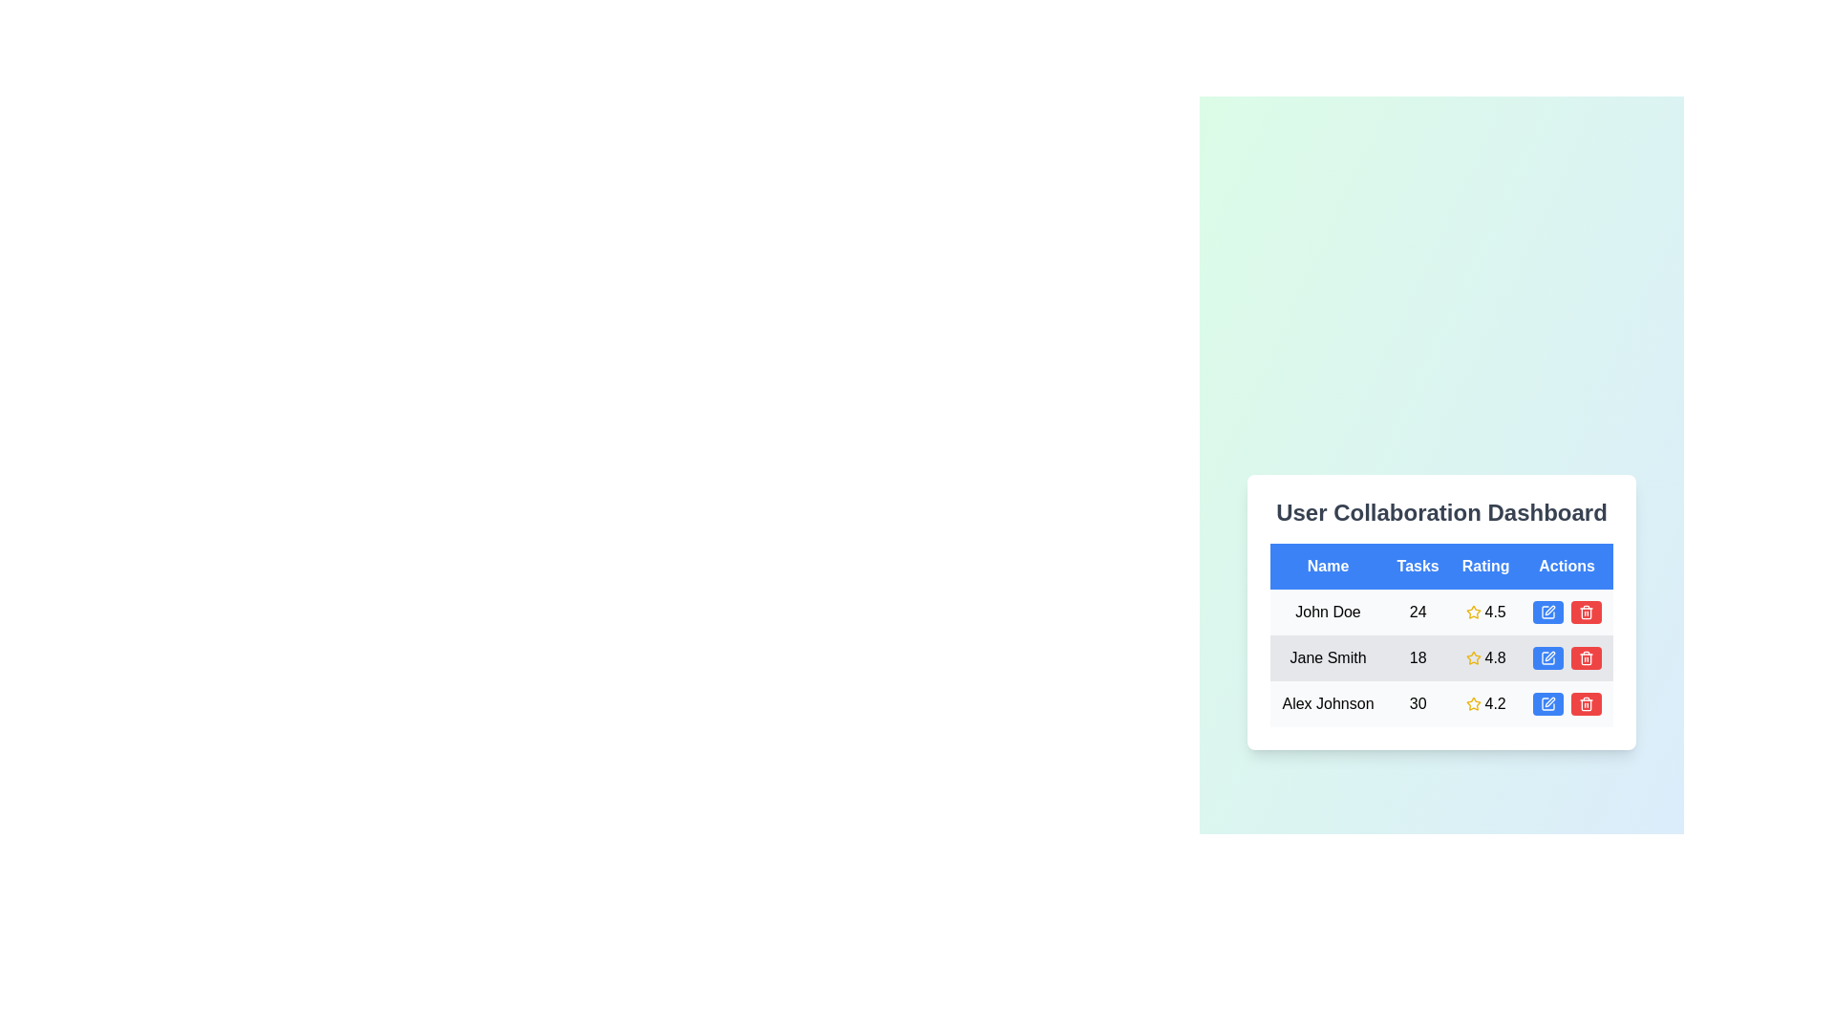 The width and height of the screenshot is (1834, 1032). I want to click on the third row in the User Collaboration Dashboard table displaying user details for 'Alex Johnson', which includes a task count, rating, and actionable buttons, so click(1441, 703).